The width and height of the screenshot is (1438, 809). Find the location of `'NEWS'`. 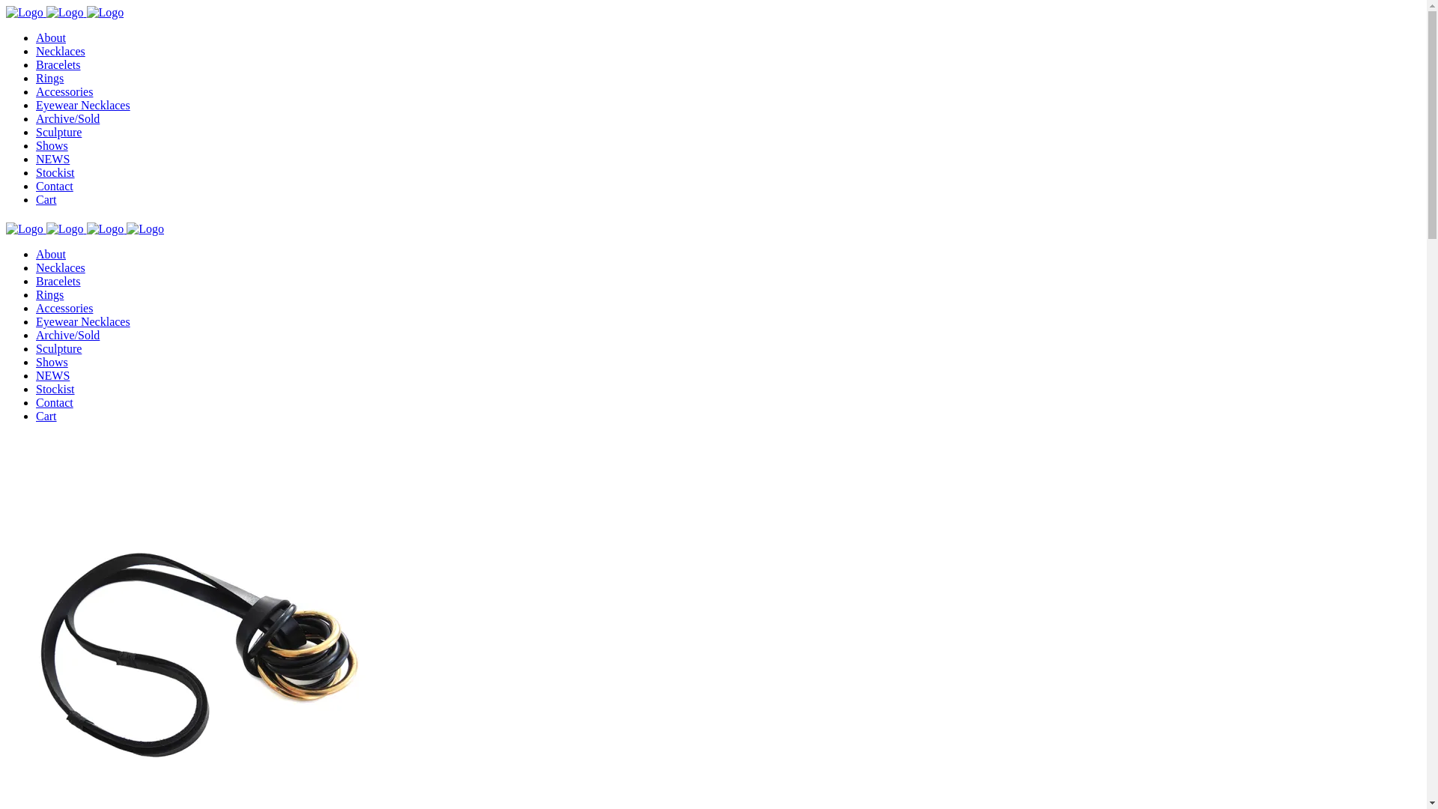

'NEWS' is located at coordinates (52, 375).